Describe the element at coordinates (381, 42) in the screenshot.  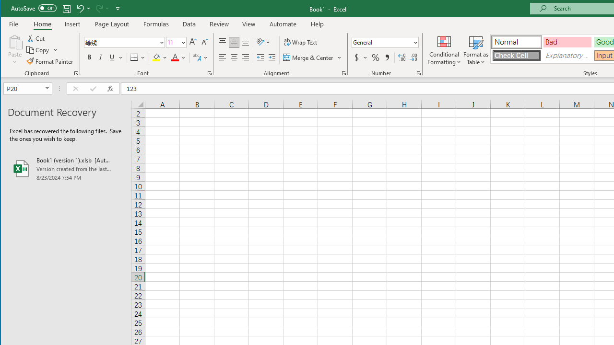
I see `'Number Format'` at that location.